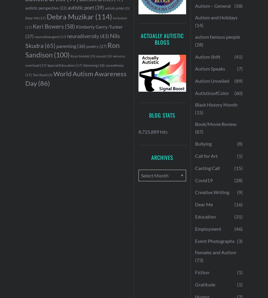 Image resolution: width=268 pixels, height=298 pixels. What do you see at coordinates (237, 68) in the screenshot?
I see `'(7)'` at bounding box center [237, 68].